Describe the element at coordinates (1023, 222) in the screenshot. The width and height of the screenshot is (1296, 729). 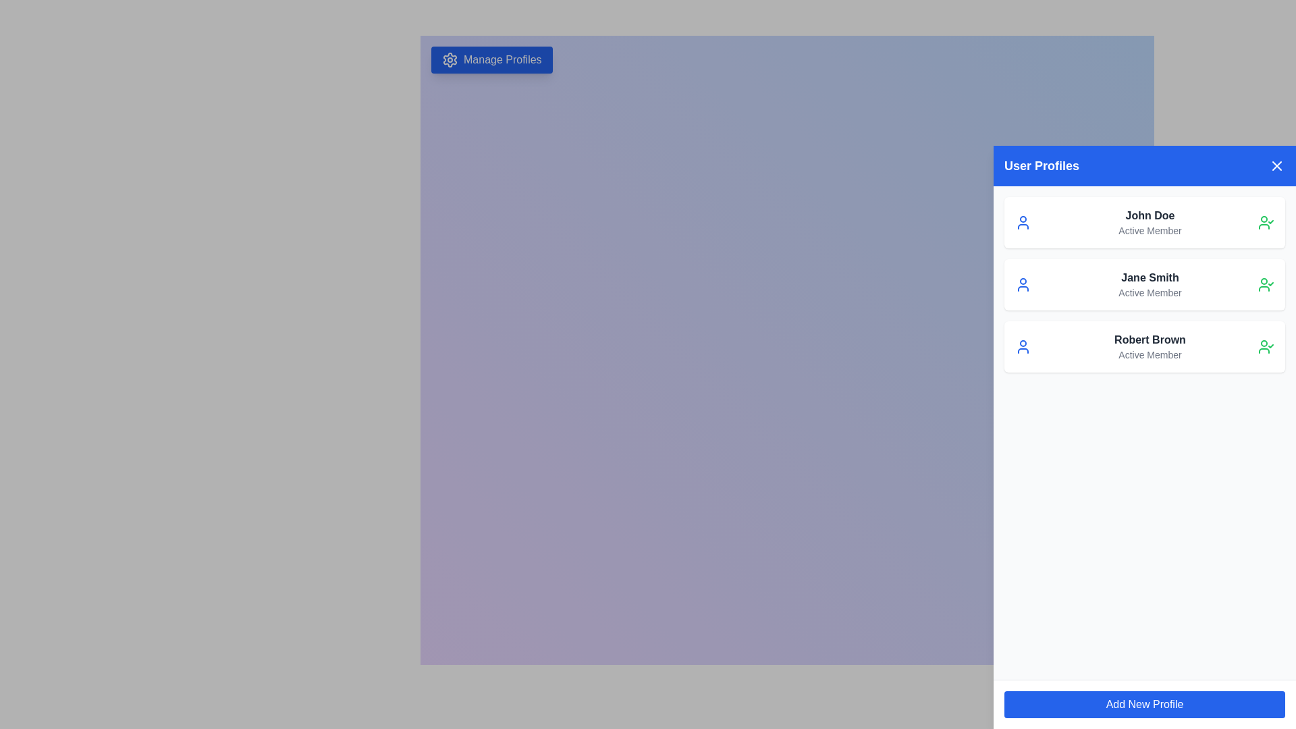
I see `the user profile icon for 'John Doe', located at the left edge of the profile card, preceding the text 'John Doe Active Member'` at that location.